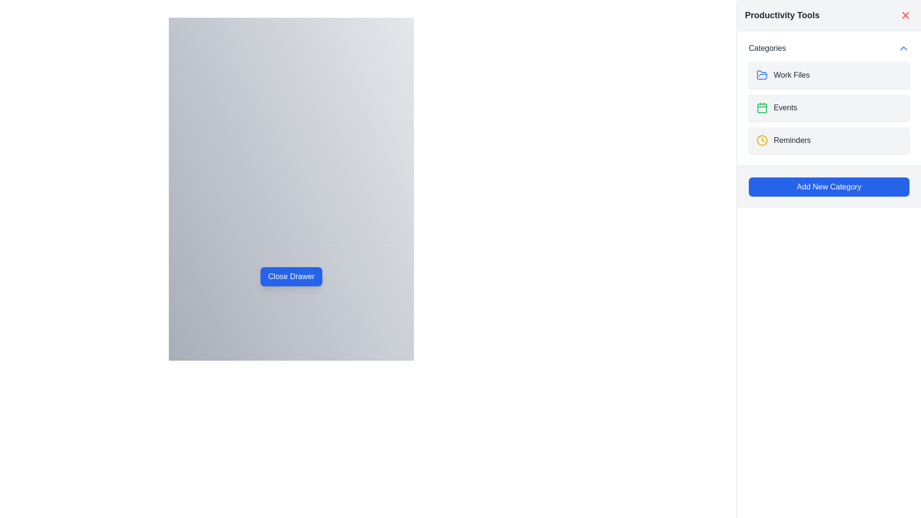  What do you see at coordinates (905, 15) in the screenshot?
I see `the close button located at the top-right corner of the 'Productivity Tools' panel` at bounding box center [905, 15].